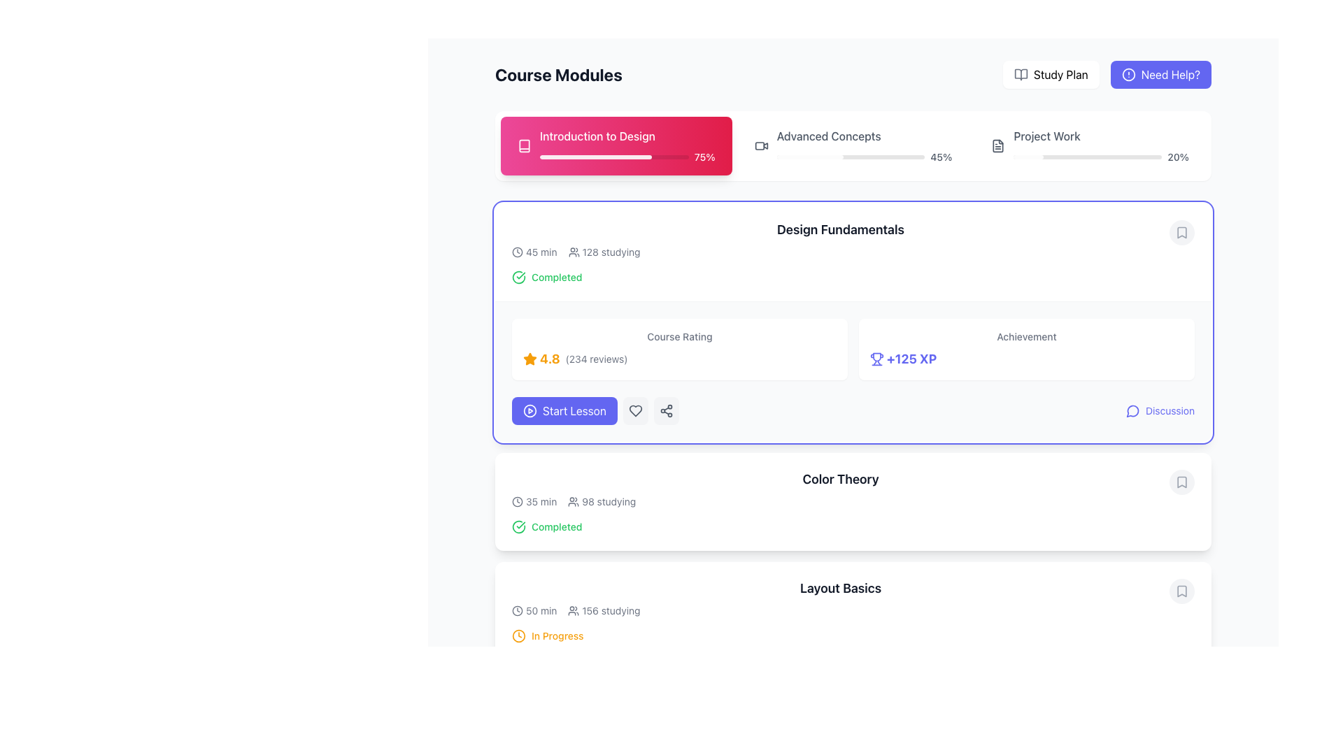 The height and width of the screenshot is (755, 1343). Describe the element at coordinates (516, 610) in the screenshot. I see `the Icon (Clock) that visually represents the concept of time, which is located to the left of the text '50 min'` at that location.